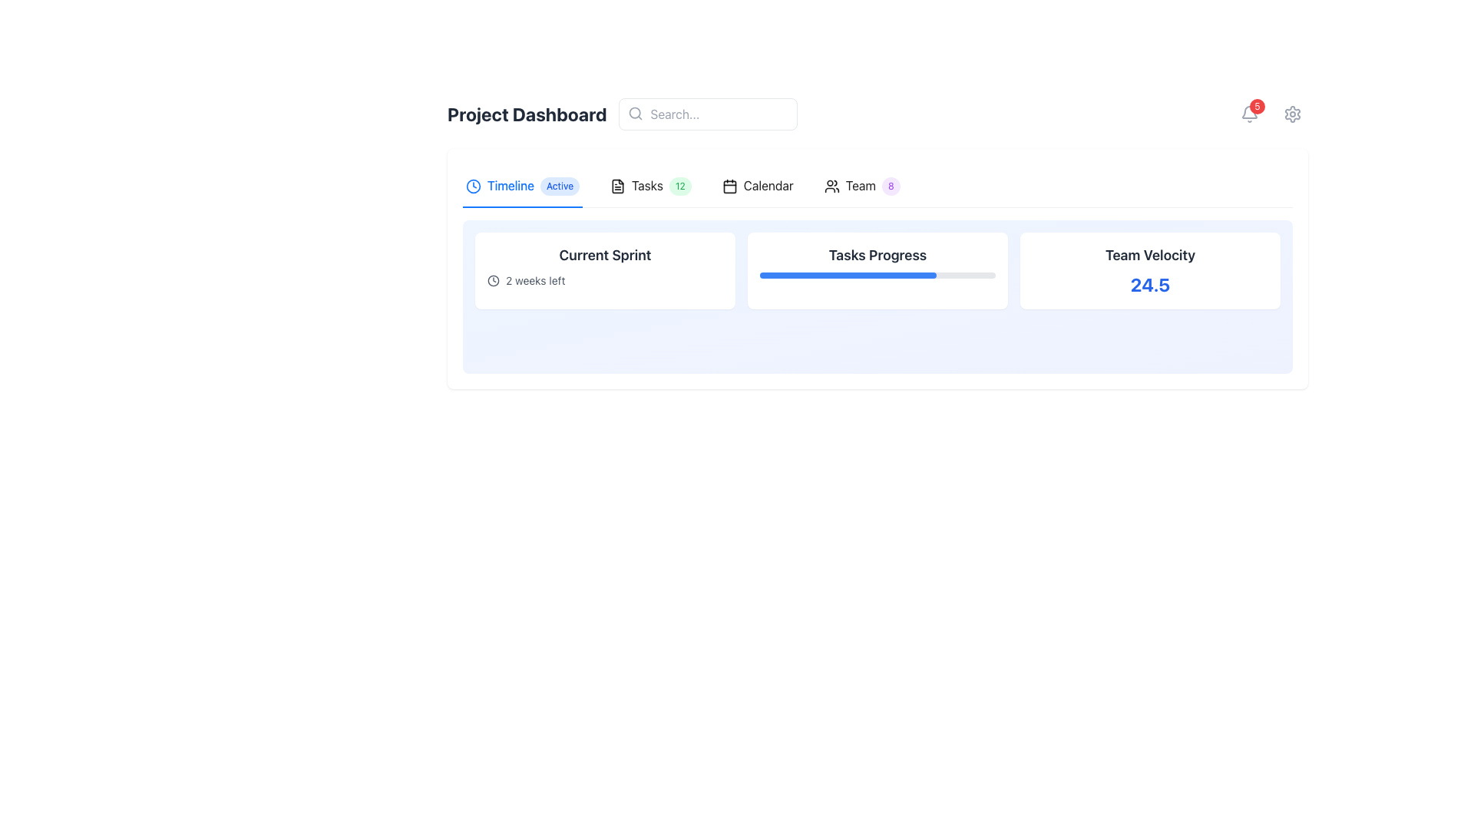  I want to click on the Icon located adjacent to the 'Tasks' label in the task-related section of the dashboard header, so click(618, 185).